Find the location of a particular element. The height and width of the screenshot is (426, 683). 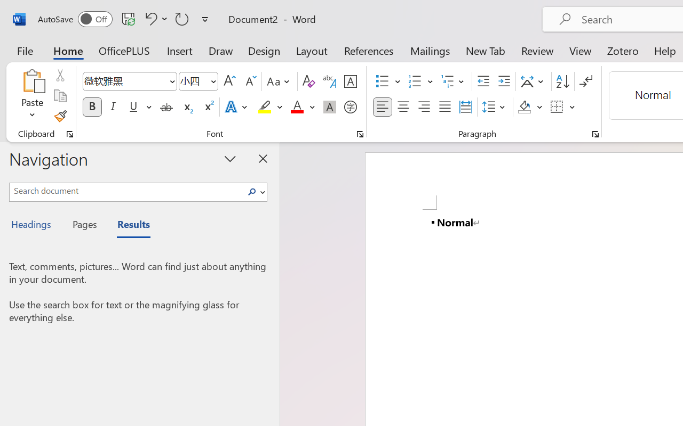

'Character Border' is located at coordinates (350, 81).